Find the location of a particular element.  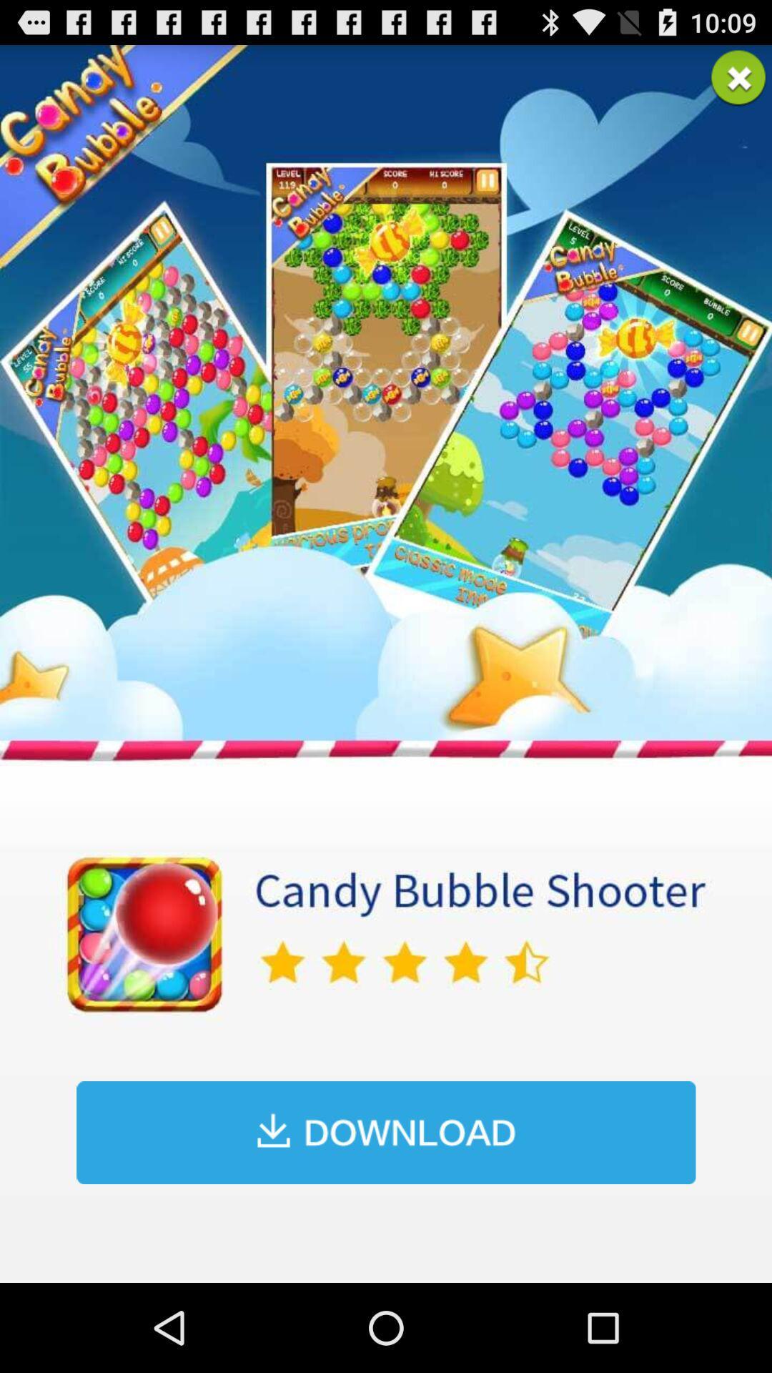

deselect option is located at coordinates (738, 77).